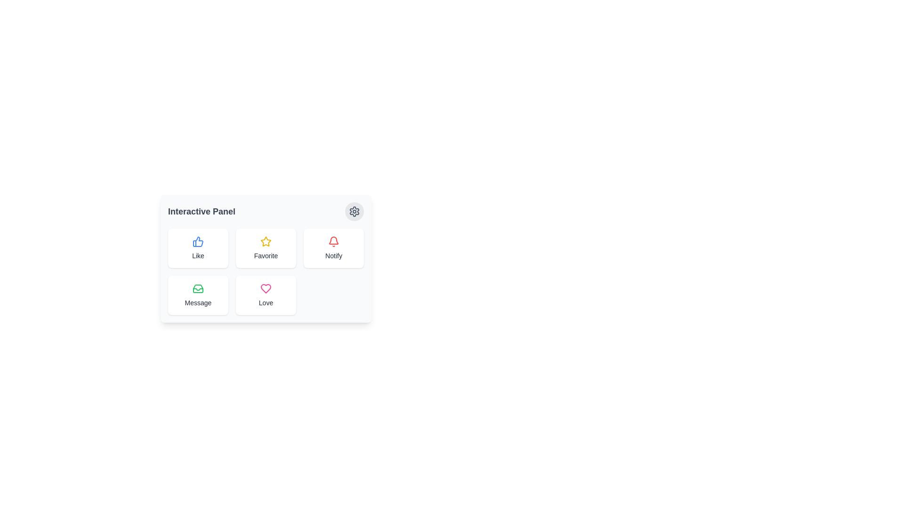 The image size is (904, 508). Describe the element at coordinates (266, 288) in the screenshot. I see `the 'Love' icon located at the center of the rectangular card in the bottom-right area of the grid` at that location.